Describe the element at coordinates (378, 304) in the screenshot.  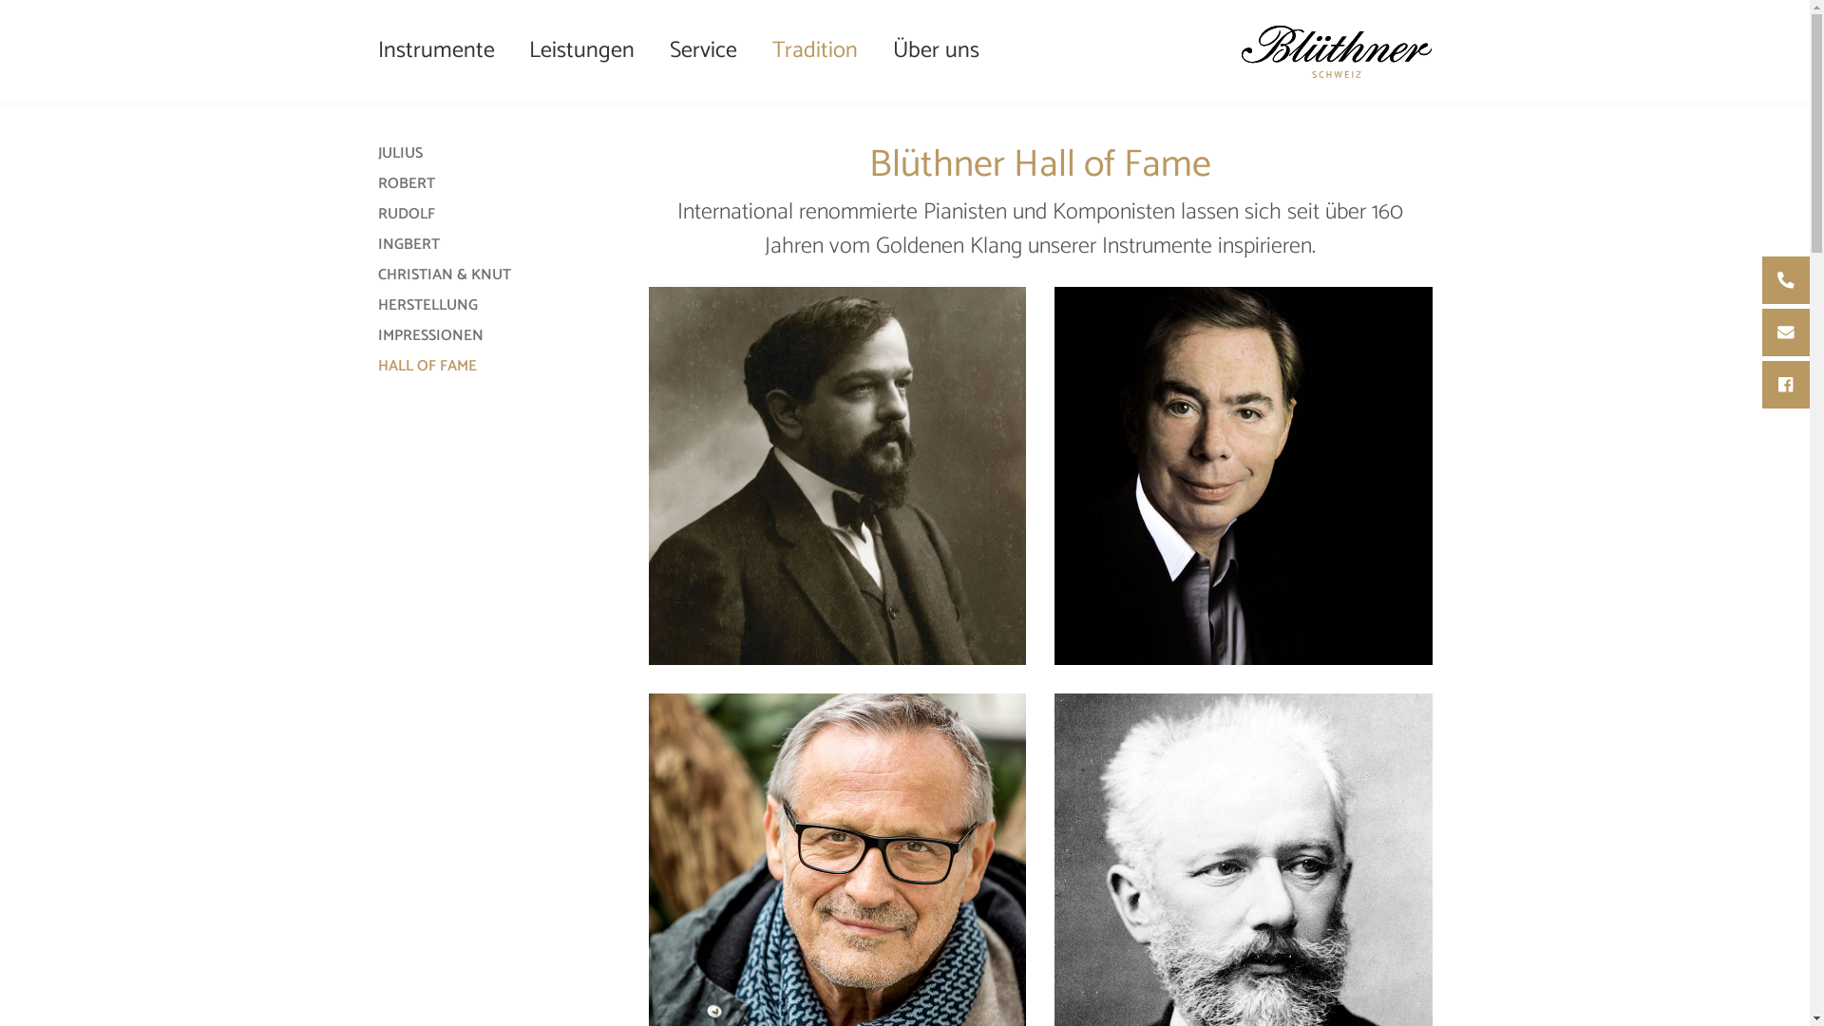
I see `'HERSTELLUNG'` at that location.